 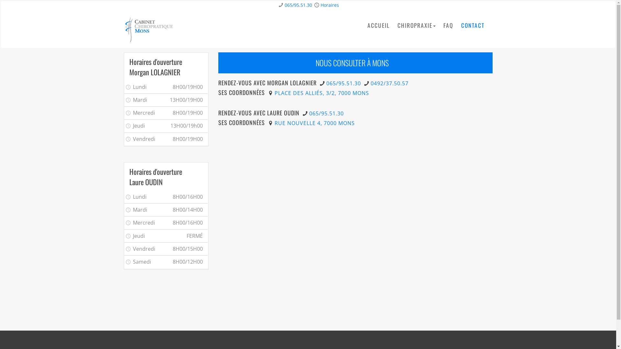 What do you see at coordinates (397, 25) in the screenshot?
I see `'CHIROPRAXIE'` at bounding box center [397, 25].